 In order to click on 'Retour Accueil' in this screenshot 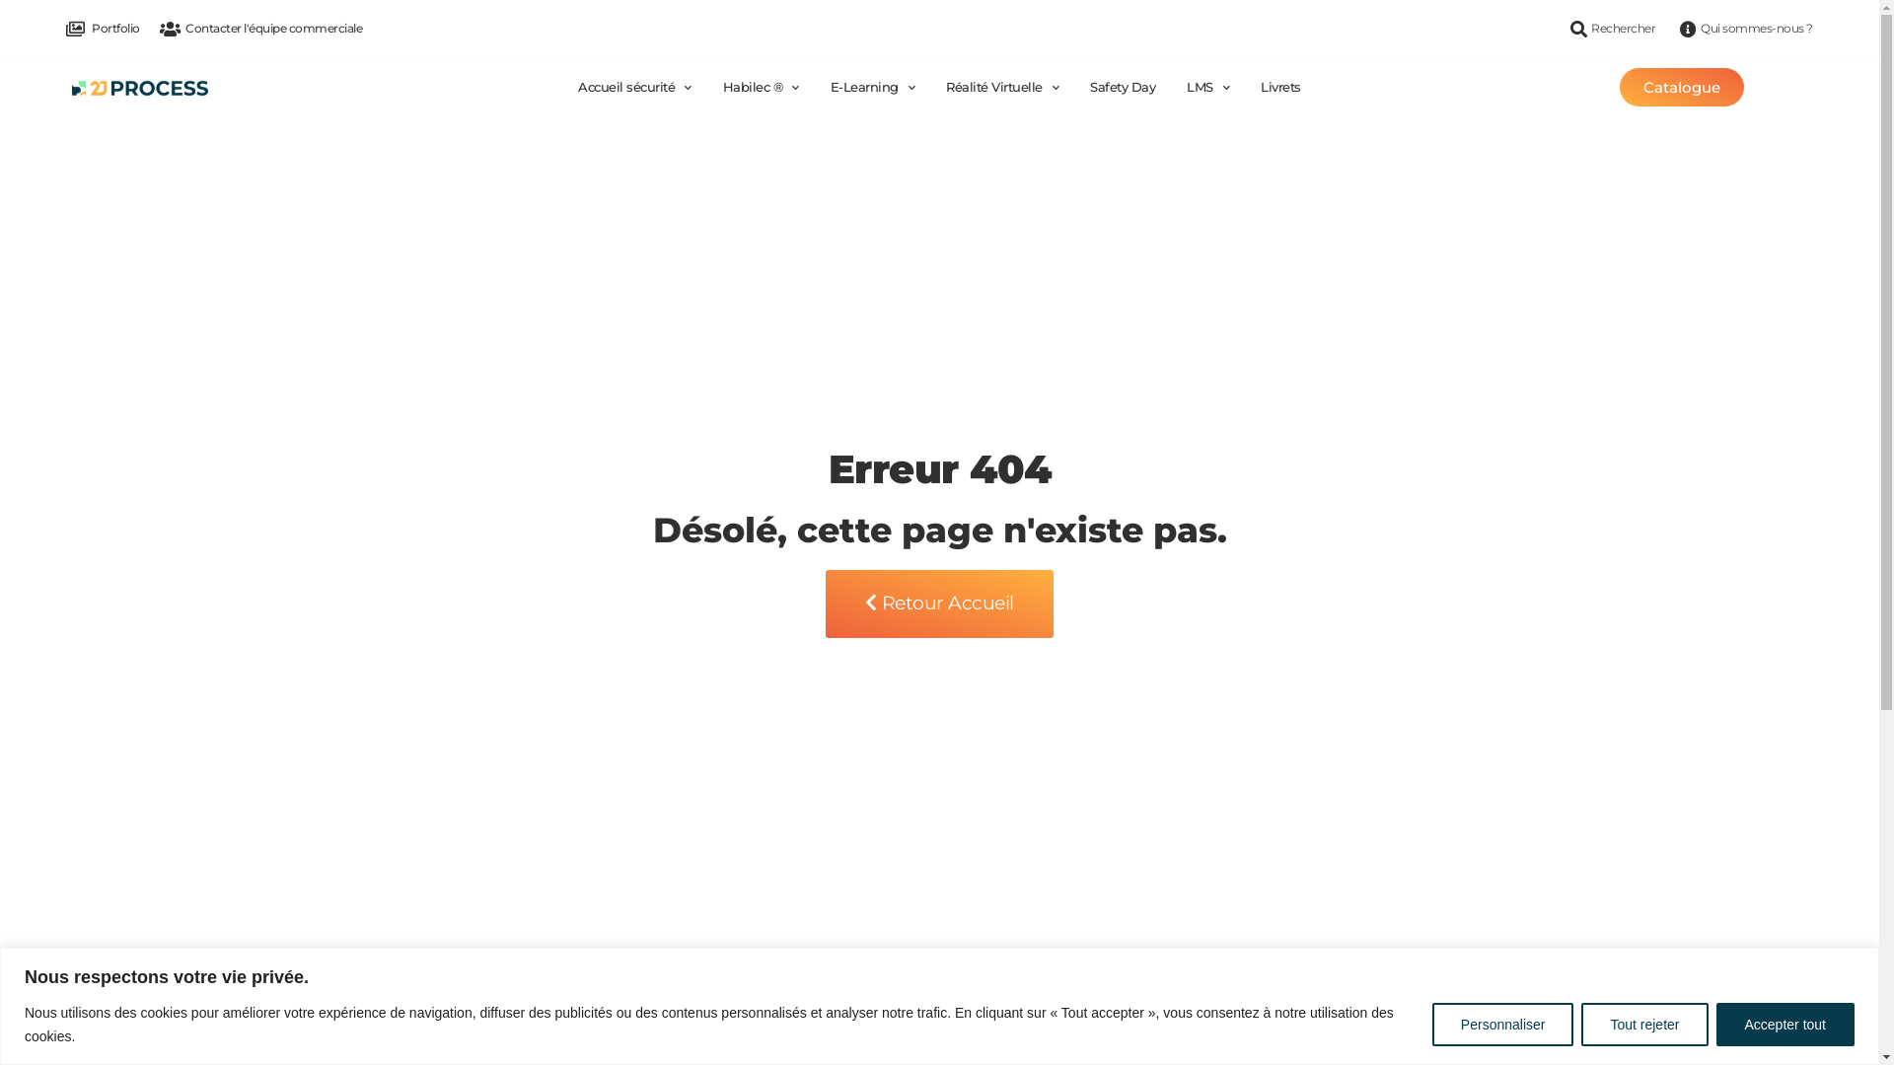, I will do `click(938, 603)`.